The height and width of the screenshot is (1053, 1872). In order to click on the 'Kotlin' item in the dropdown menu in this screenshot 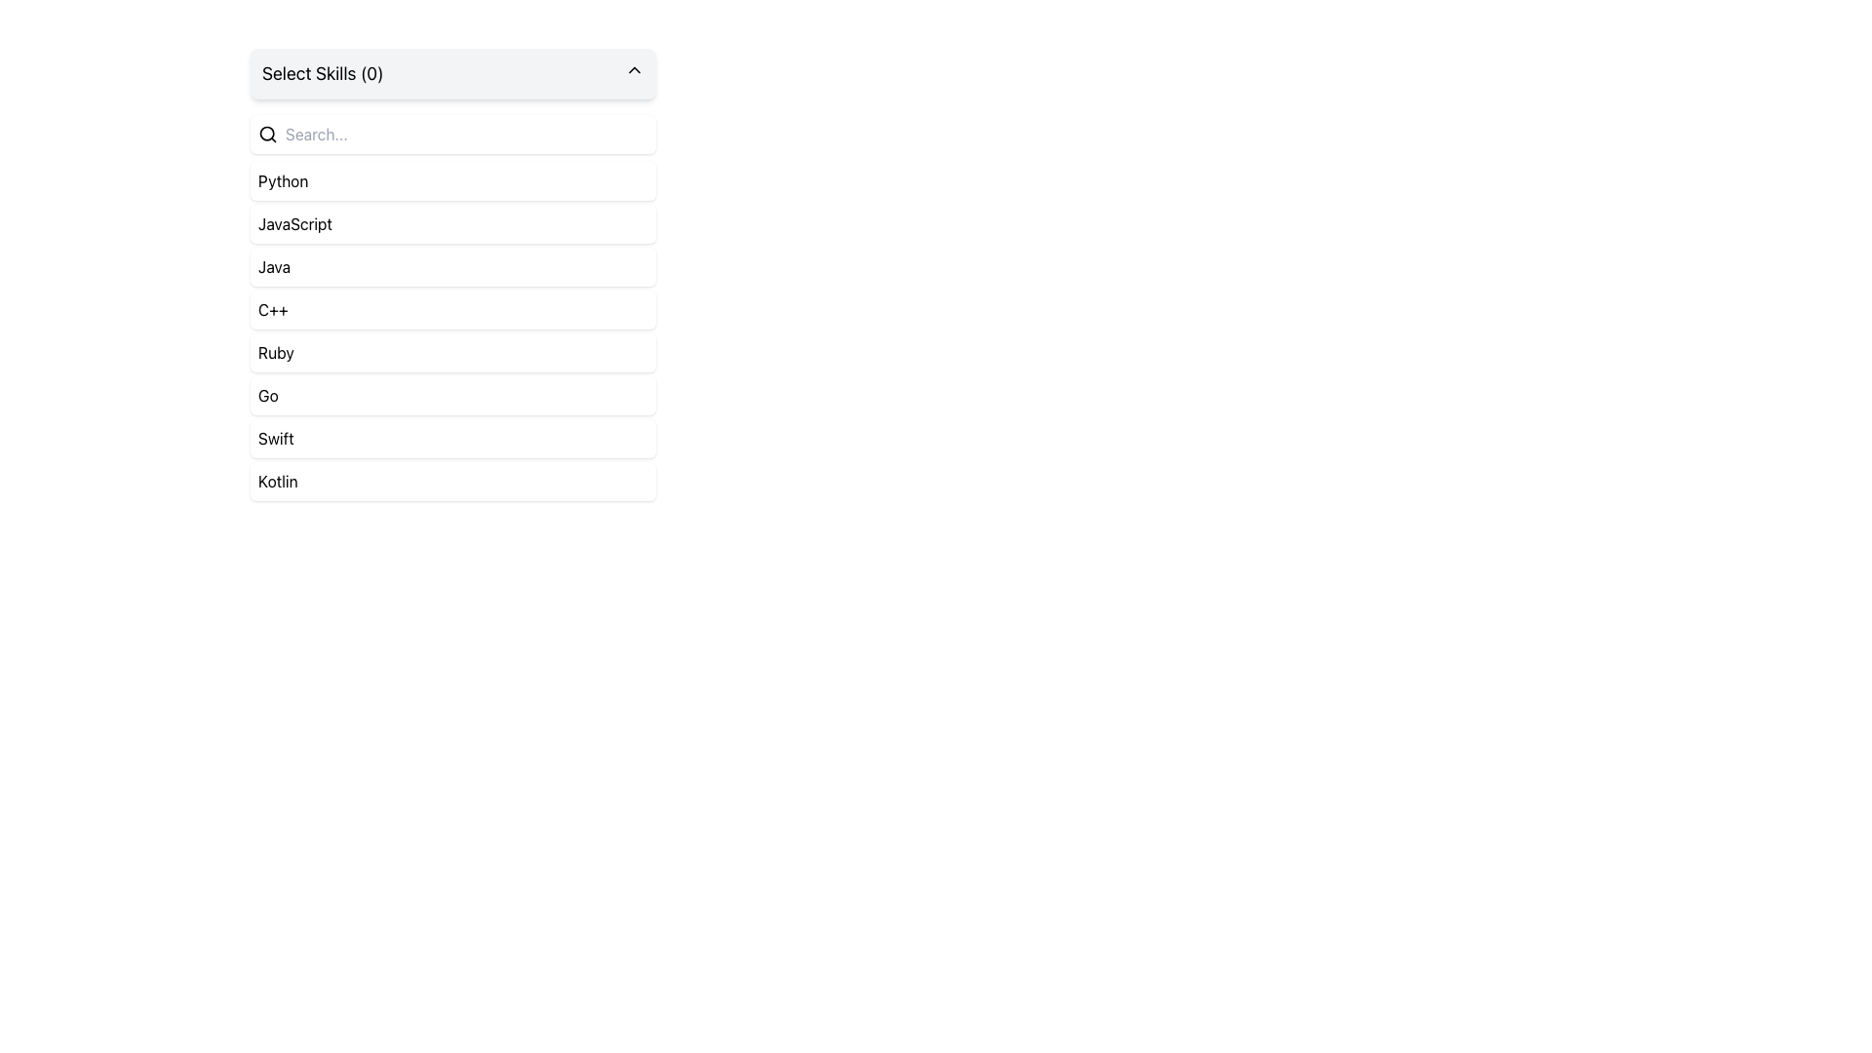, I will do `click(277, 481)`.